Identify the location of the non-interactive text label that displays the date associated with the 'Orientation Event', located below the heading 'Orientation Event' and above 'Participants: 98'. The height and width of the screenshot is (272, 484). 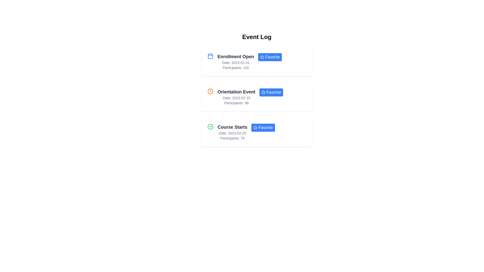
(236, 98).